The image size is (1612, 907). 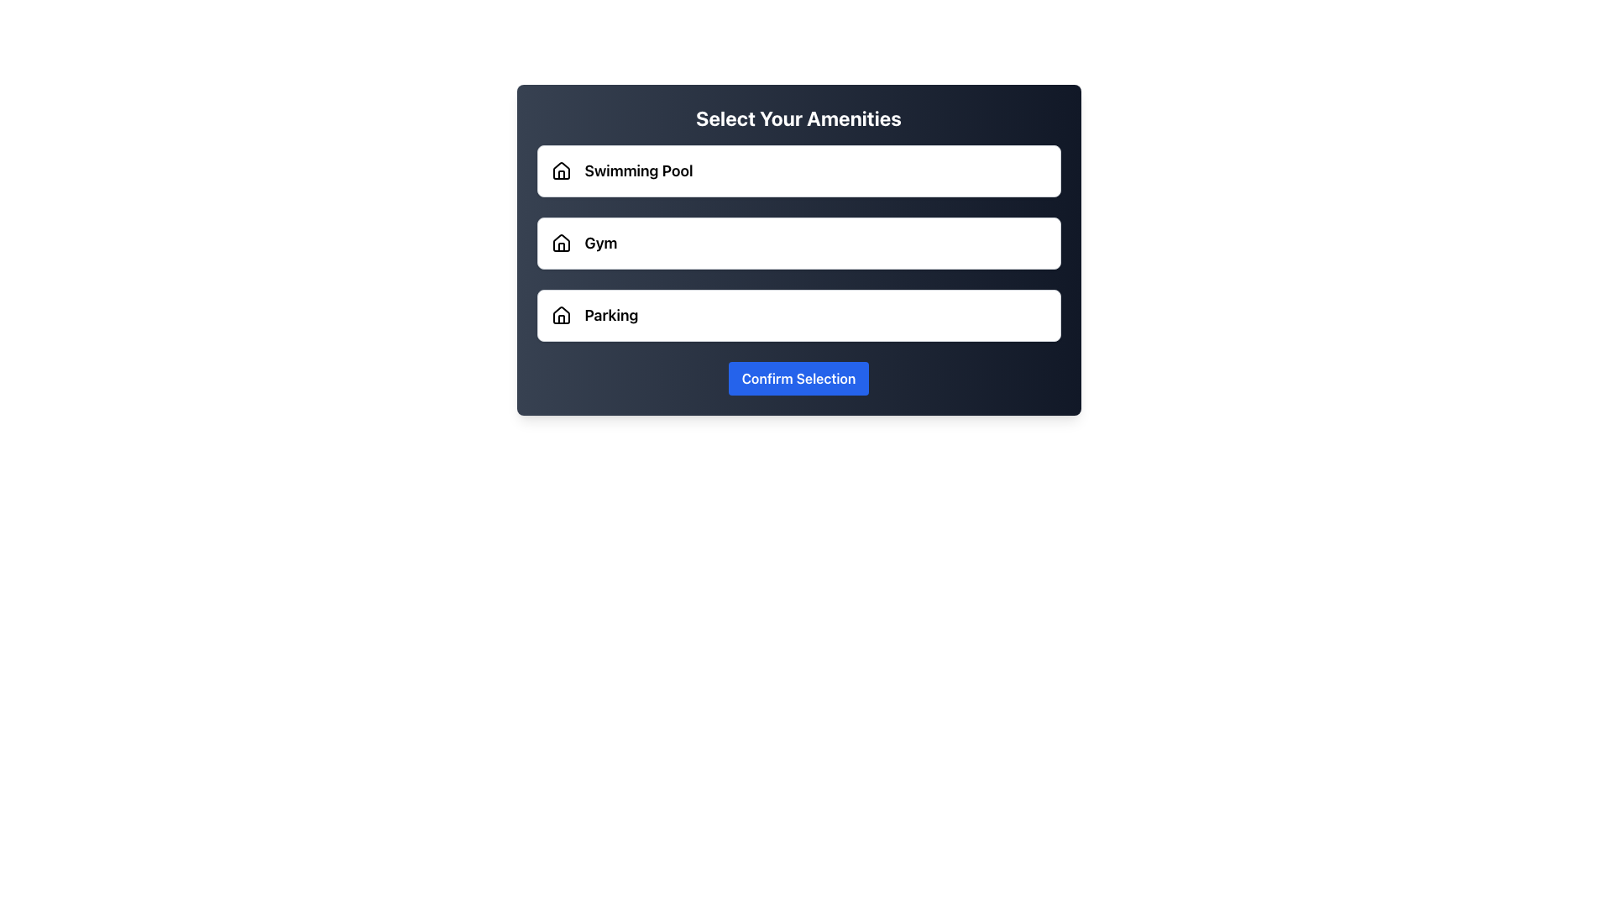 What do you see at coordinates (561, 171) in the screenshot?
I see `the leftmost icon representing the 'Swimming Pool' option` at bounding box center [561, 171].